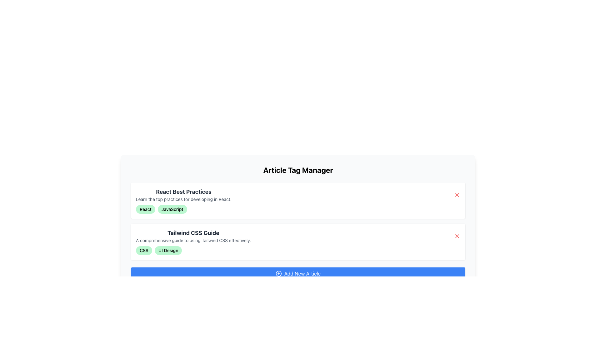 The width and height of the screenshot is (600, 337). I want to click on text content of the header and brief description located in the center-left part of the second card in the vertical list, which is below the 'React Best Practices' card, so click(193, 236).